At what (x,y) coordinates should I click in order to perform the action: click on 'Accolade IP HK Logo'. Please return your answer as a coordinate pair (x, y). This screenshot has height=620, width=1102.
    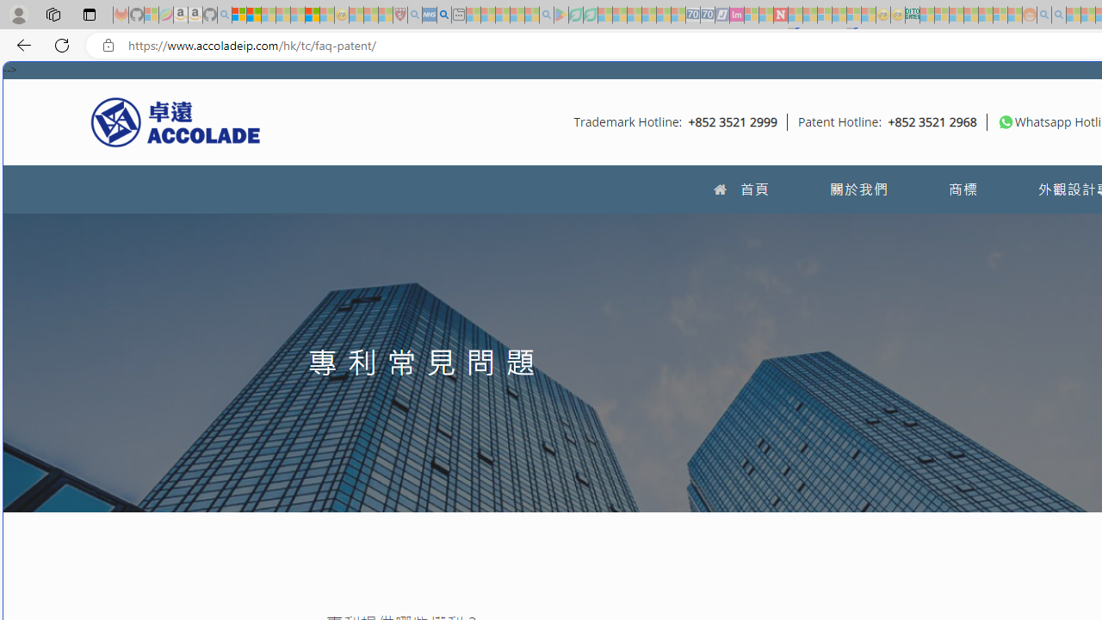
    Looking at the image, I should click on (176, 121).